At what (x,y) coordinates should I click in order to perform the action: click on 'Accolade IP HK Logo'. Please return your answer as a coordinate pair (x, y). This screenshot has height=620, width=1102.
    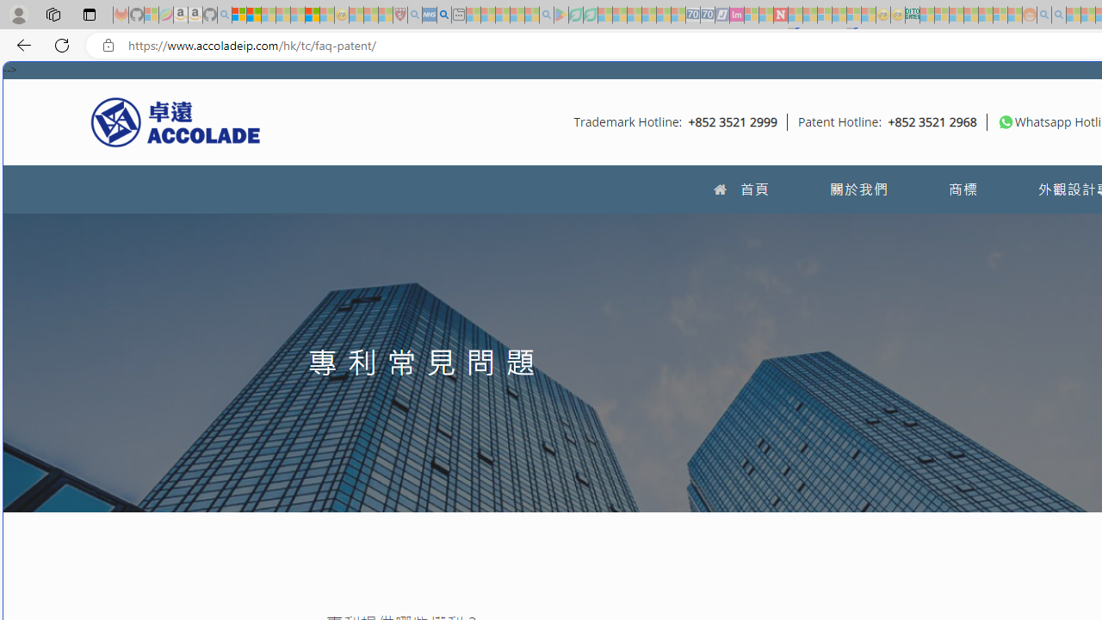
    Looking at the image, I should click on (176, 121).